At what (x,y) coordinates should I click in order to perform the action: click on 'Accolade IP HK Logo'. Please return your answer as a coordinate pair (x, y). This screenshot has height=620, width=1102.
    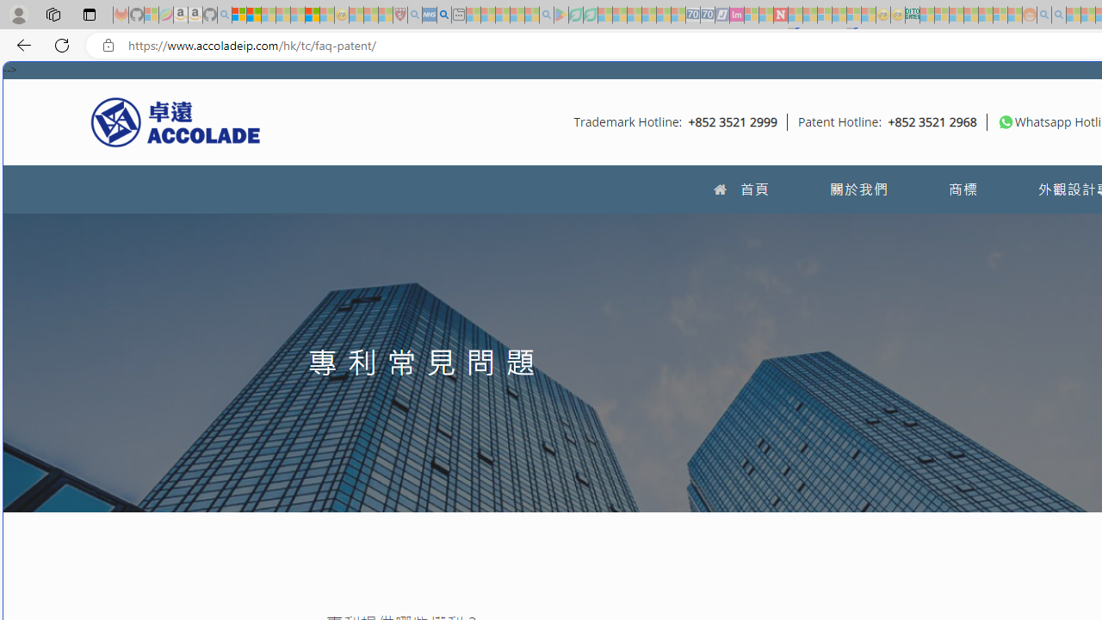
    Looking at the image, I should click on (176, 121).